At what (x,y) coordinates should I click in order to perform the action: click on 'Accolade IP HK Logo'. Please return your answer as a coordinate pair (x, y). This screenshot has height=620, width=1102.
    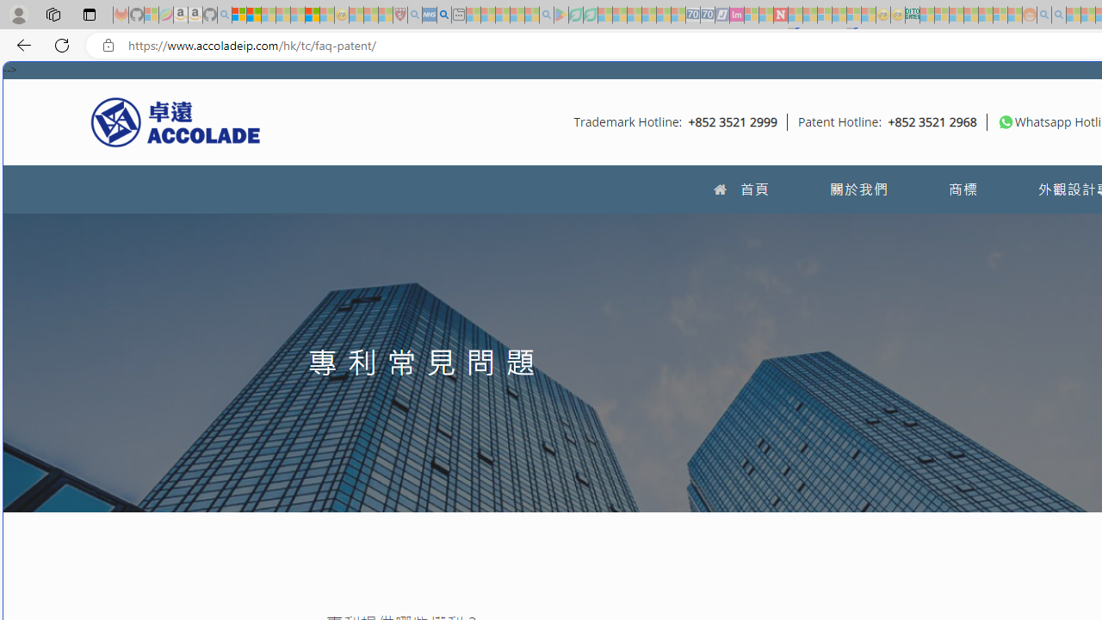
    Looking at the image, I should click on (176, 121).